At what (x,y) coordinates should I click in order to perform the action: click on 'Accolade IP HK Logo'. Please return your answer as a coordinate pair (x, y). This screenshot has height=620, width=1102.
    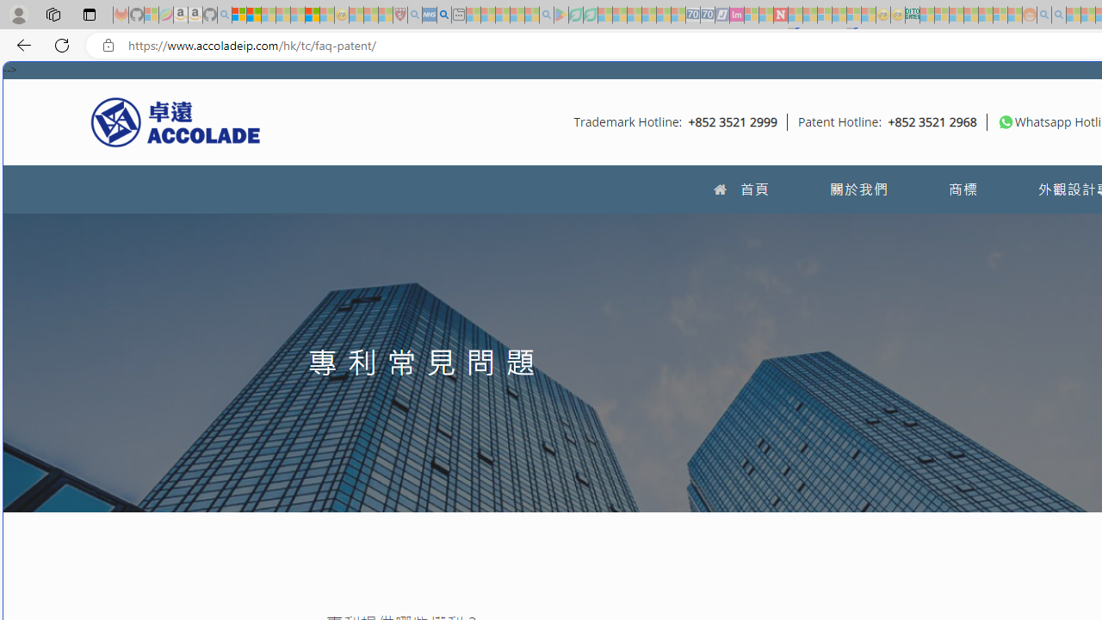
    Looking at the image, I should click on (176, 121).